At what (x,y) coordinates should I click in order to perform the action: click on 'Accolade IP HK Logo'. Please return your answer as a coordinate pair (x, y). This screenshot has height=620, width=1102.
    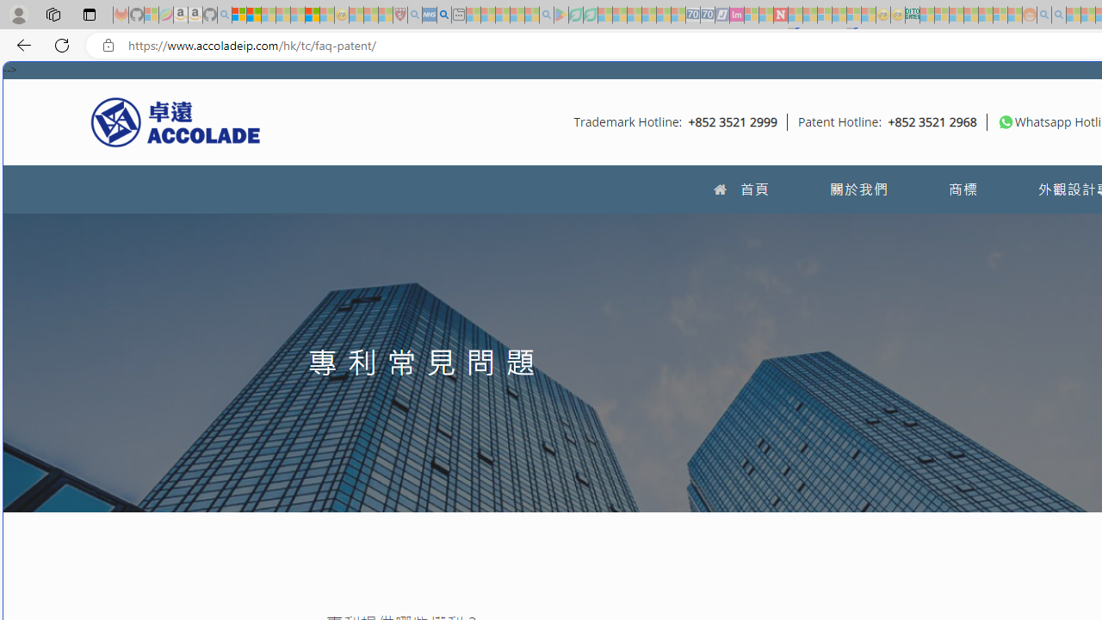
    Looking at the image, I should click on (176, 121).